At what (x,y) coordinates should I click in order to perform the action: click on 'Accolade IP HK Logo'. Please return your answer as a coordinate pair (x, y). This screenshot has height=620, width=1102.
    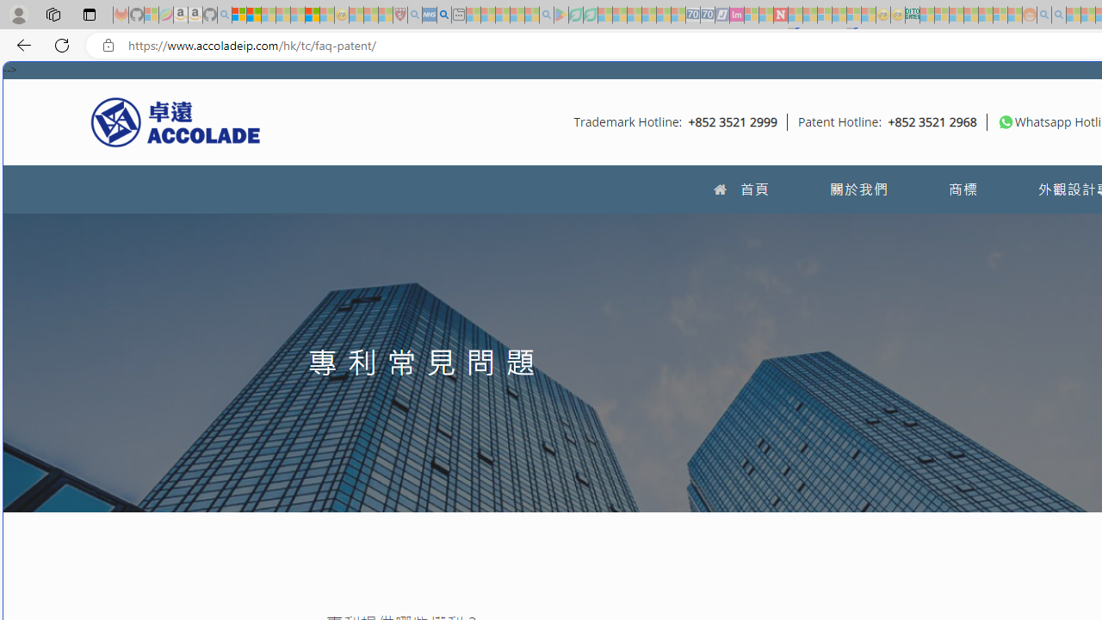
    Looking at the image, I should click on (176, 121).